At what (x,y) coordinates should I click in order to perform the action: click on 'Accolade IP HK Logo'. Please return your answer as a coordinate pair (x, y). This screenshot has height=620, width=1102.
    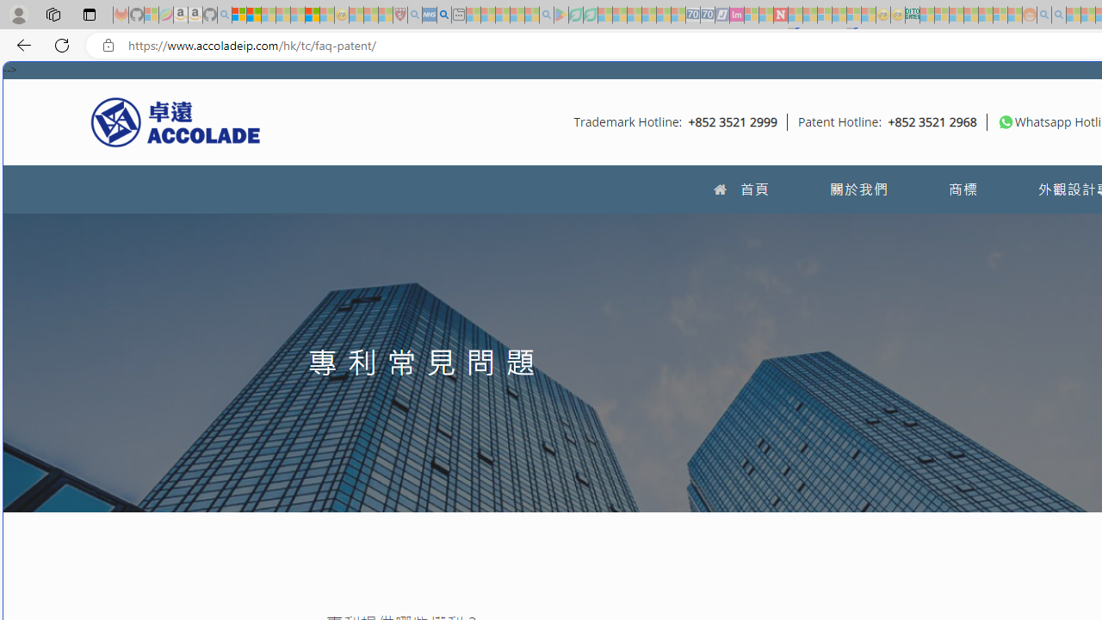
    Looking at the image, I should click on (176, 121).